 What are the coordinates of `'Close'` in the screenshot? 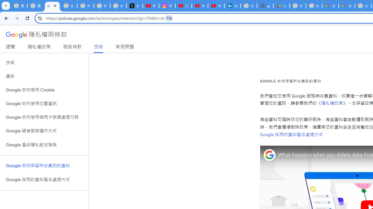 It's located at (55, 6).